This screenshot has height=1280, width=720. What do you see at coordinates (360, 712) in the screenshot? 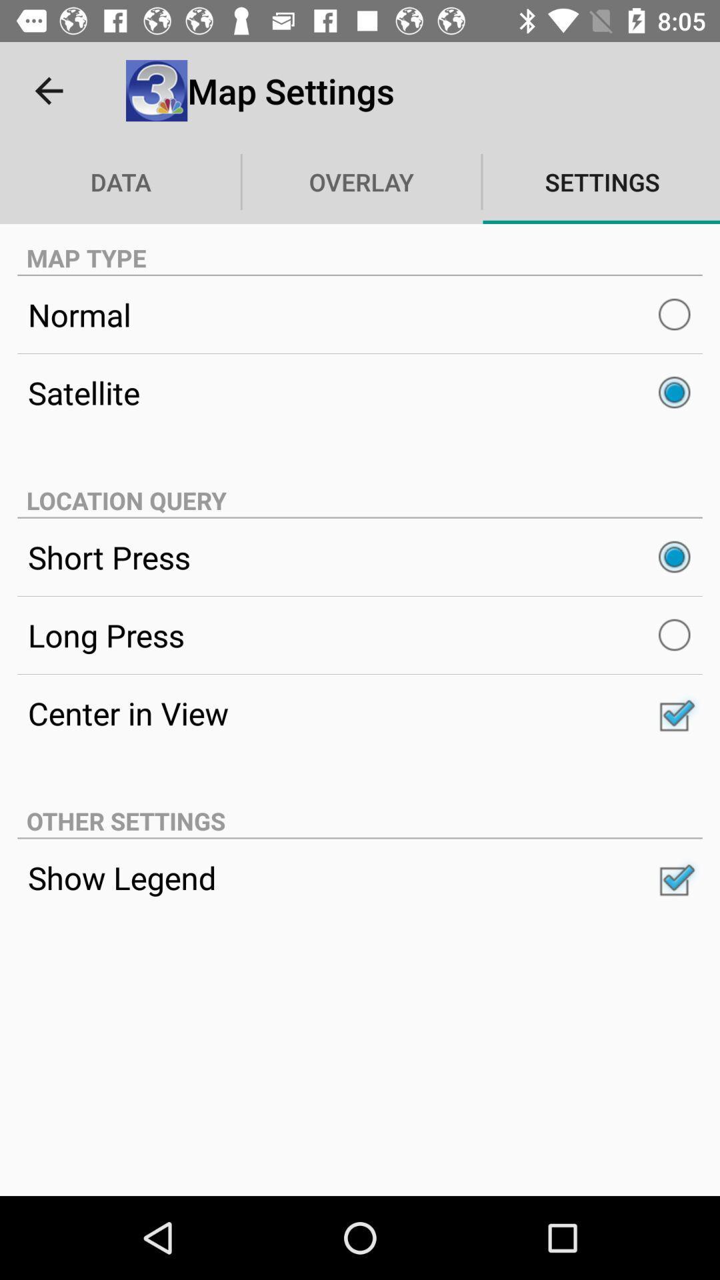
I see `item above the other settings item` at bounding box center [360, 712].